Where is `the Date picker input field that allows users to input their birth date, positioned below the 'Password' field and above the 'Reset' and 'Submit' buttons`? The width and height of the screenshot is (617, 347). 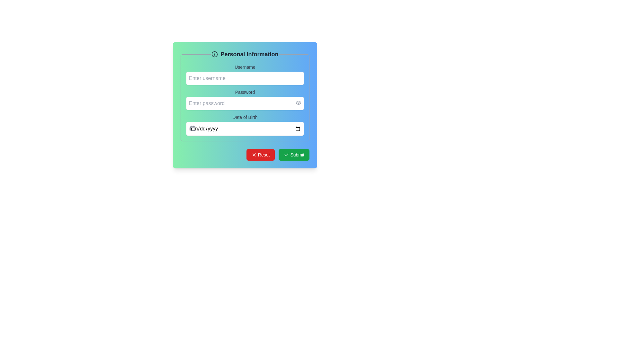
the Date picker input field that allows users to input their birth date, positioned below the 'Password' field and above the 'Reset' and 'Submit' buttons is located at coordinates (245, 125).